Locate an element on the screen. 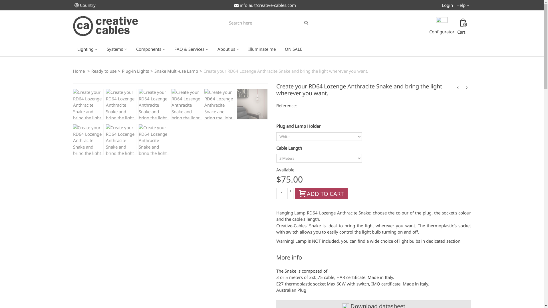 The height and width of the screenshot is (308, 548). 'Systems' is located at coordinates (116, 48).